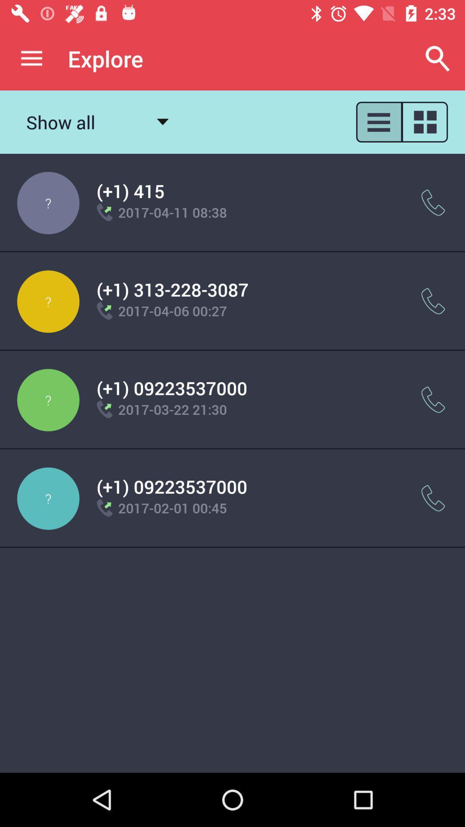  What do you see at coordinates (433, 498) in the screenshot?
I see `call number` at bounding box center [433, 498].